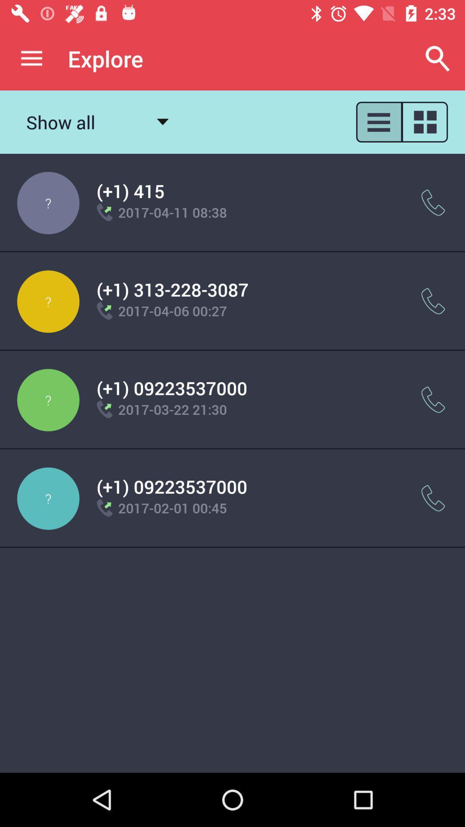  What do you see at coordinates (433, 498) in the screenshot?
I see `call number` at bounding box center [433, 498].